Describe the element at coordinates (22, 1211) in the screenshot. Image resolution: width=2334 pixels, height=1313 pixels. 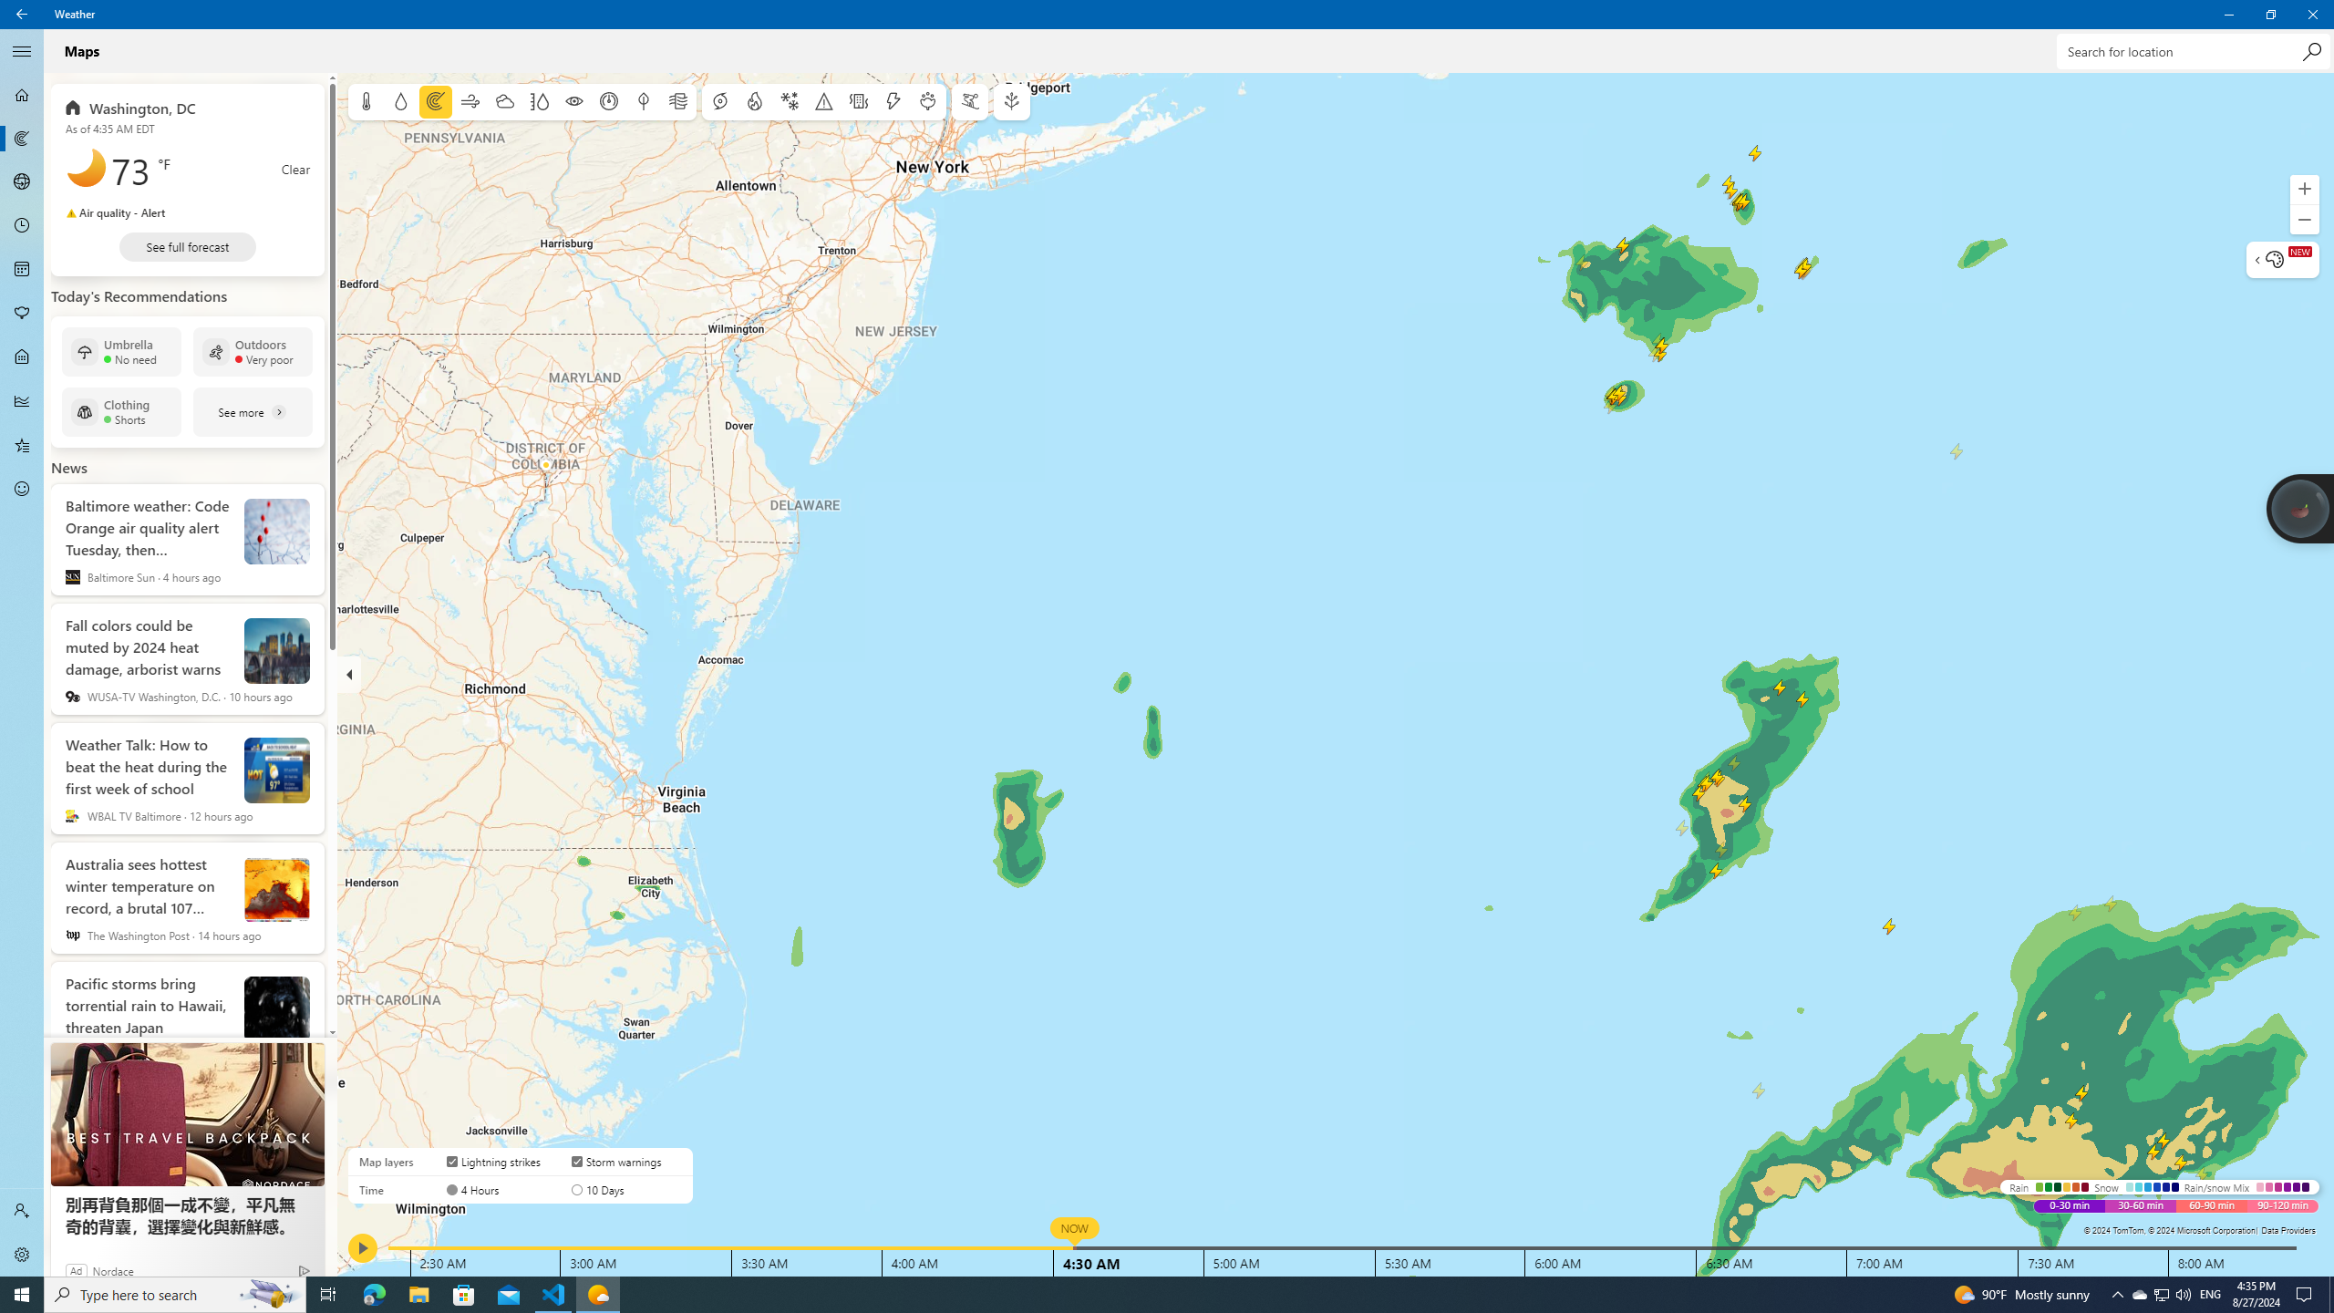
I see `'Sign in'` at that location.